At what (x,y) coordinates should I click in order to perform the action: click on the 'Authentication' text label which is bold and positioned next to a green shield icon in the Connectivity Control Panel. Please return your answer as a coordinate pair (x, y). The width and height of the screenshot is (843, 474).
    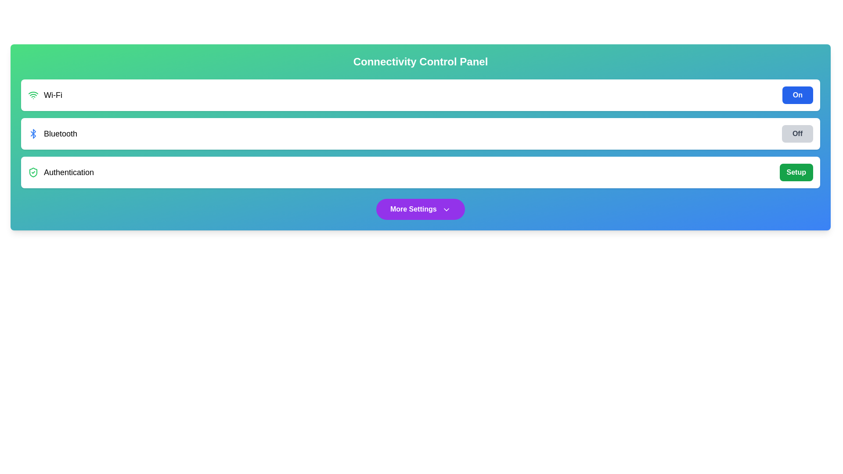
    Looking at the image, I should click on (68, 172).